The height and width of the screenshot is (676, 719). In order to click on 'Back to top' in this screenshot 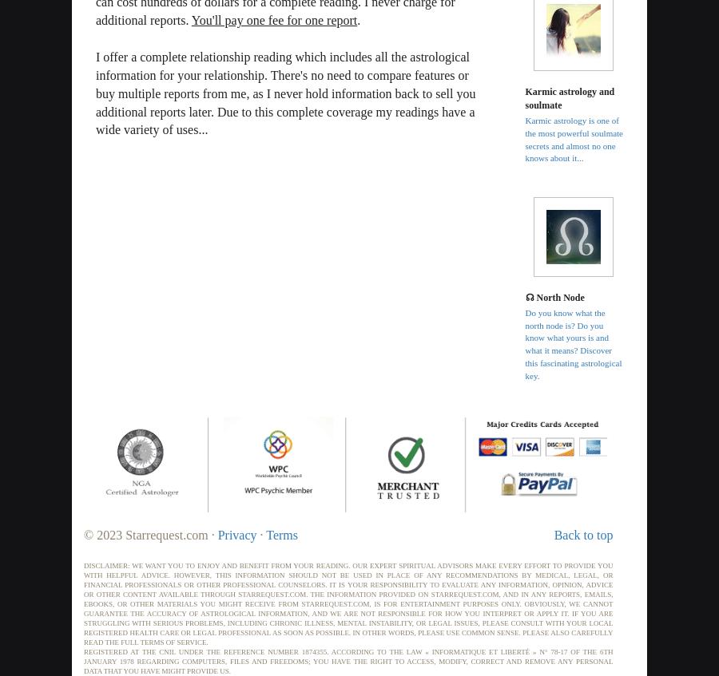, I will do `click(553, 534)`.